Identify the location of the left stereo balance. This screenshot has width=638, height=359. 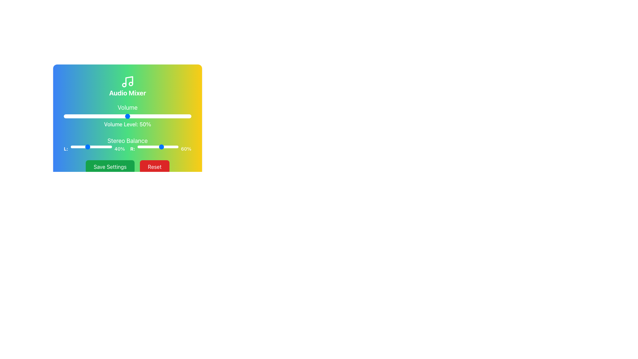
(77, 147).